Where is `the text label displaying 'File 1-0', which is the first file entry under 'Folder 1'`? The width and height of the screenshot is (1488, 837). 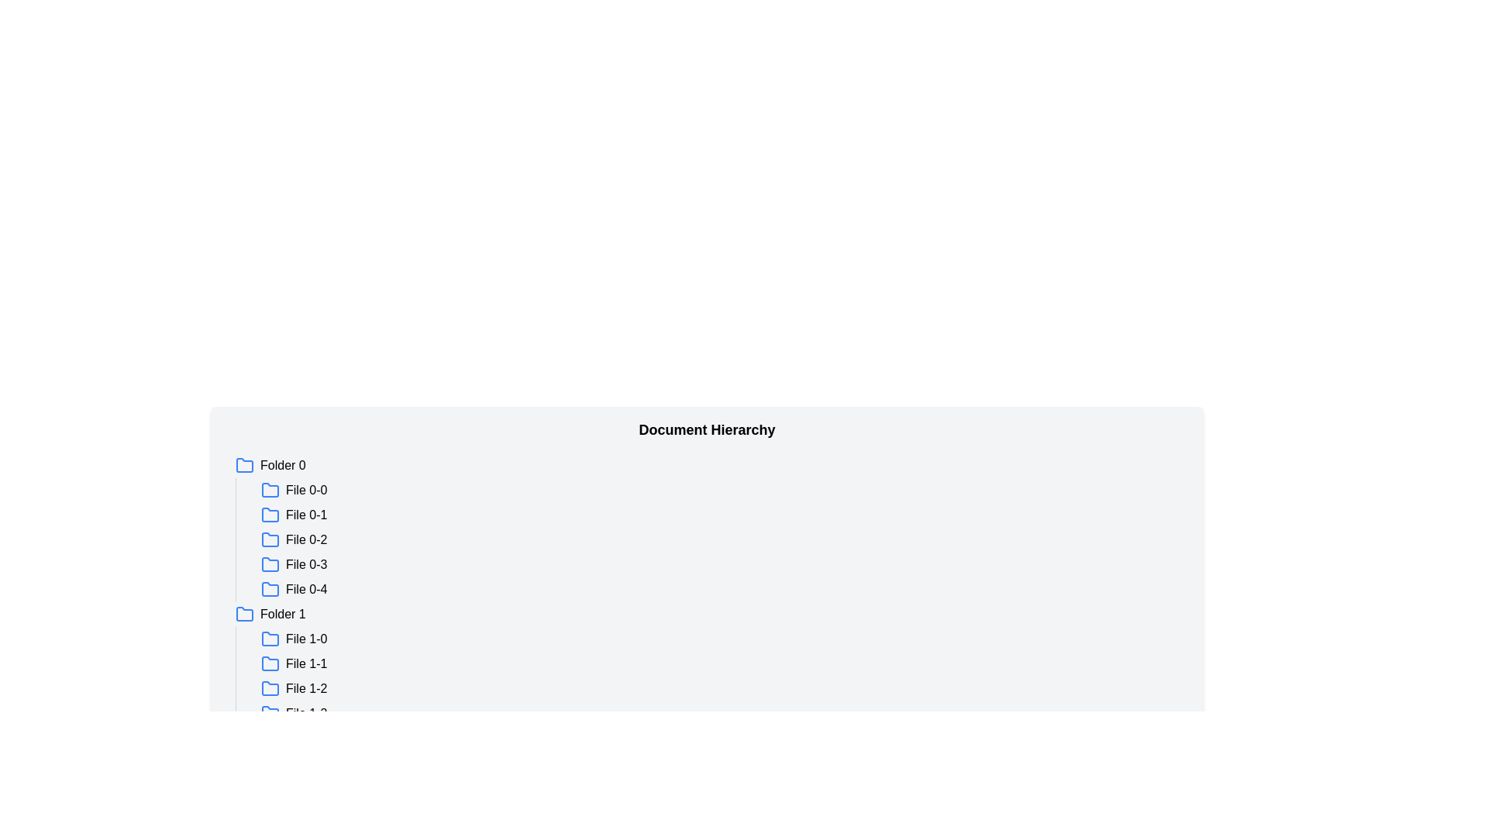
the text label displaying 'File 1-0', which is the first file entry under 'Folder 1' is located at coordinates (306, 639).